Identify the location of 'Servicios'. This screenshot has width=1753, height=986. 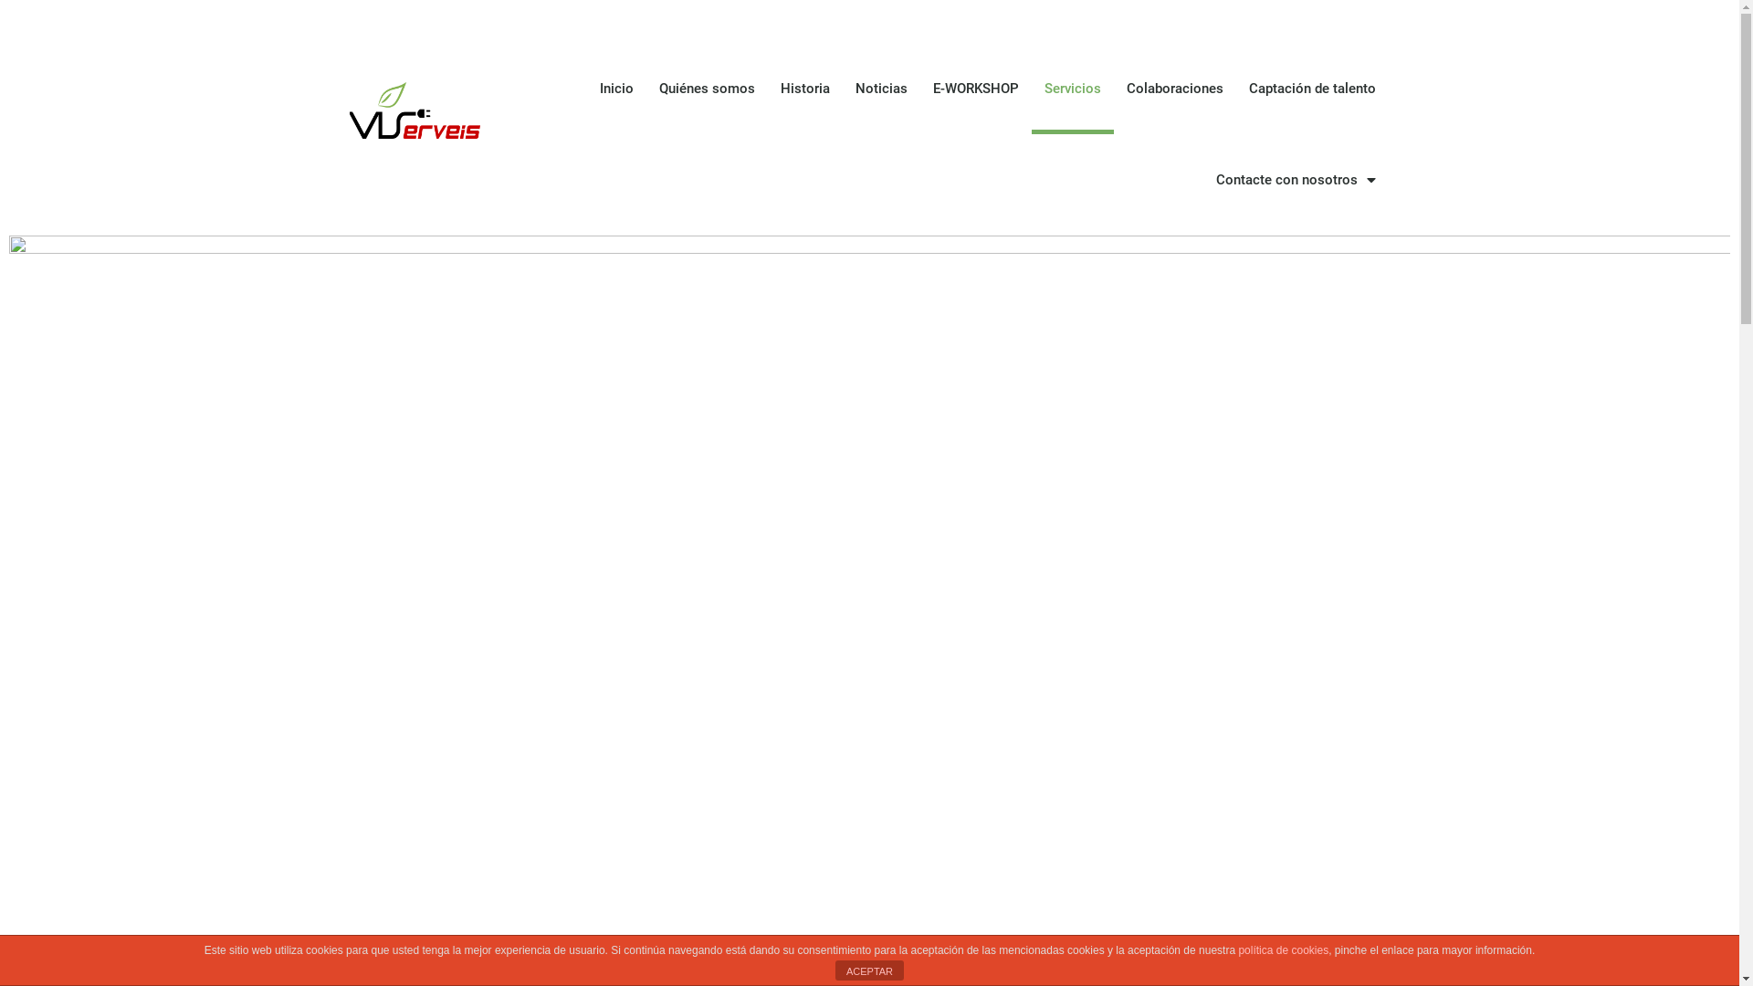
(1073, 88).